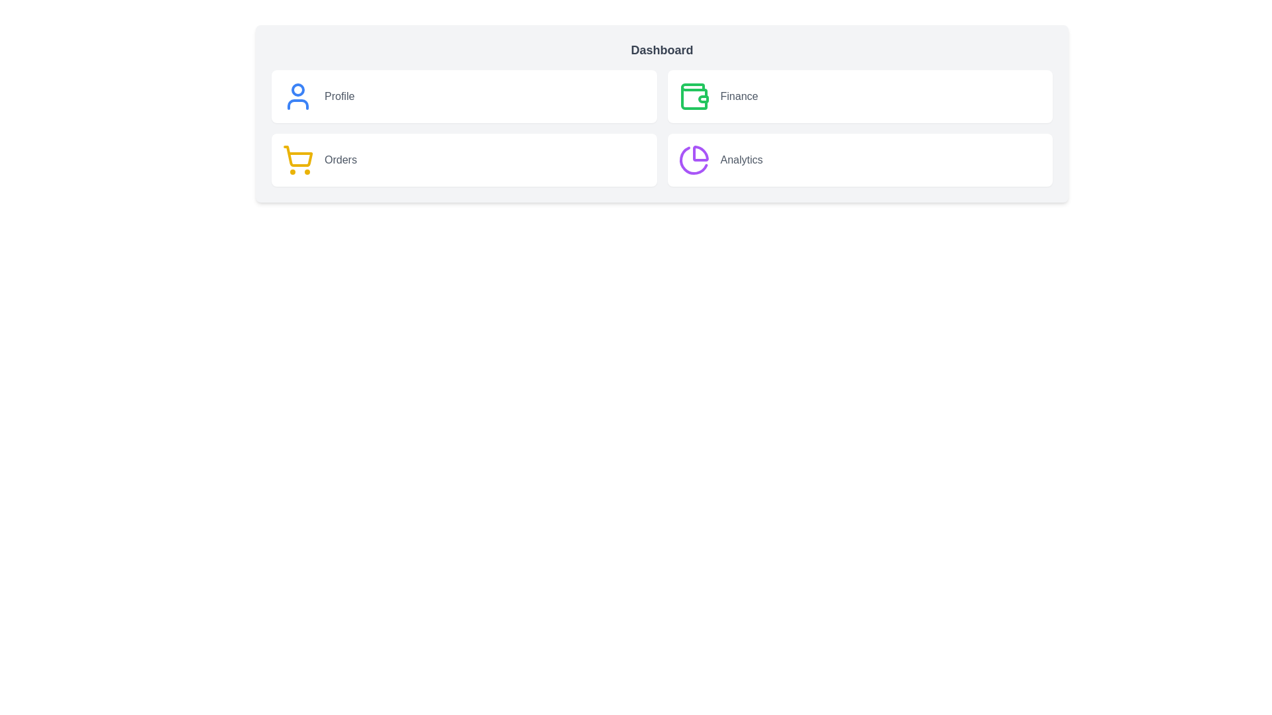  What do you see at coordinates (860, 96) in the screenshot?
I see `the 'Finance' Interactive Card, which is the second card in the grid layout` at bounding box center [860, 96].